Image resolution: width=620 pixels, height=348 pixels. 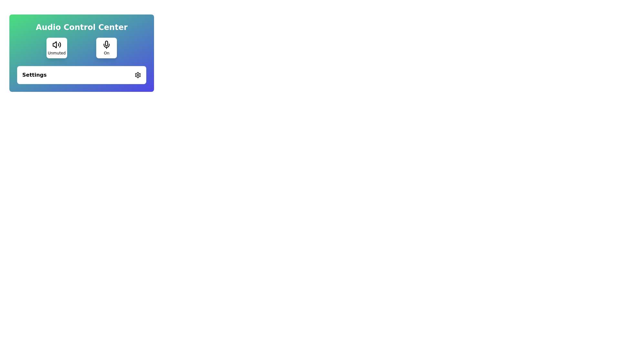 I want to click on the speaker icon within the 'Unmuted' button, which is styled in a minimalistic outline and located under the 'Audio Control Center' title, so click(x=57, y=44).